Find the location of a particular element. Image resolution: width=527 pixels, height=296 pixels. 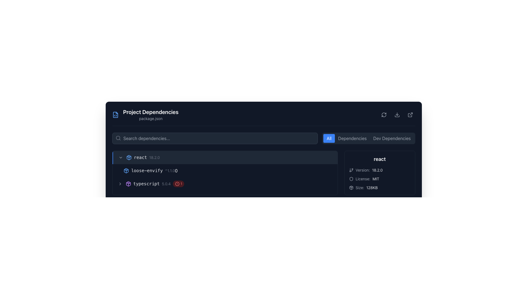

the right-facing chevron icon styled in gray, located to the left of the text 'typescript 5.0.4' is located at coordinates (120, 184).